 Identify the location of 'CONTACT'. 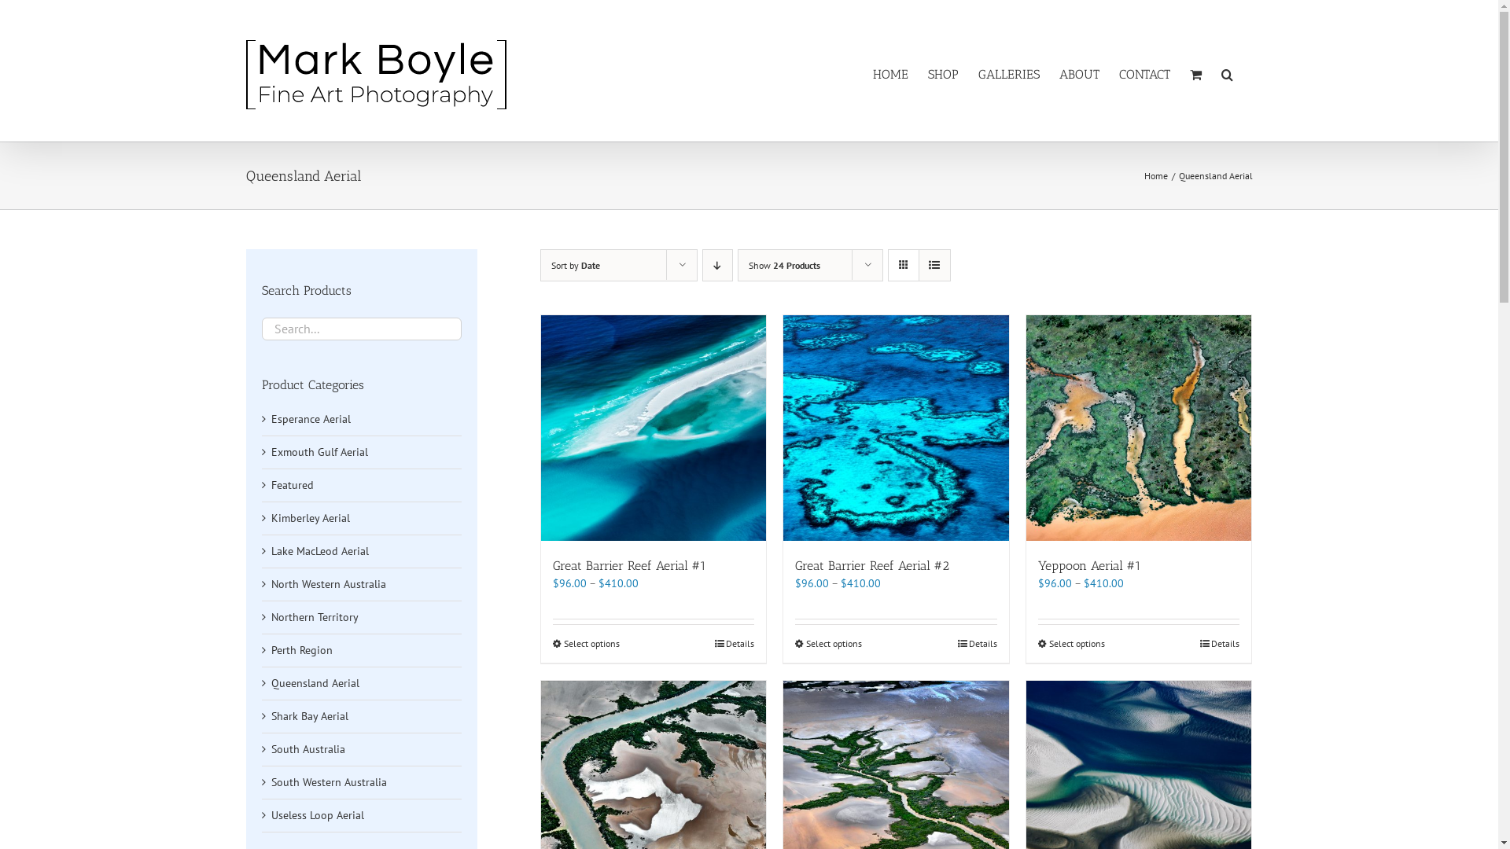
(1144, 75).